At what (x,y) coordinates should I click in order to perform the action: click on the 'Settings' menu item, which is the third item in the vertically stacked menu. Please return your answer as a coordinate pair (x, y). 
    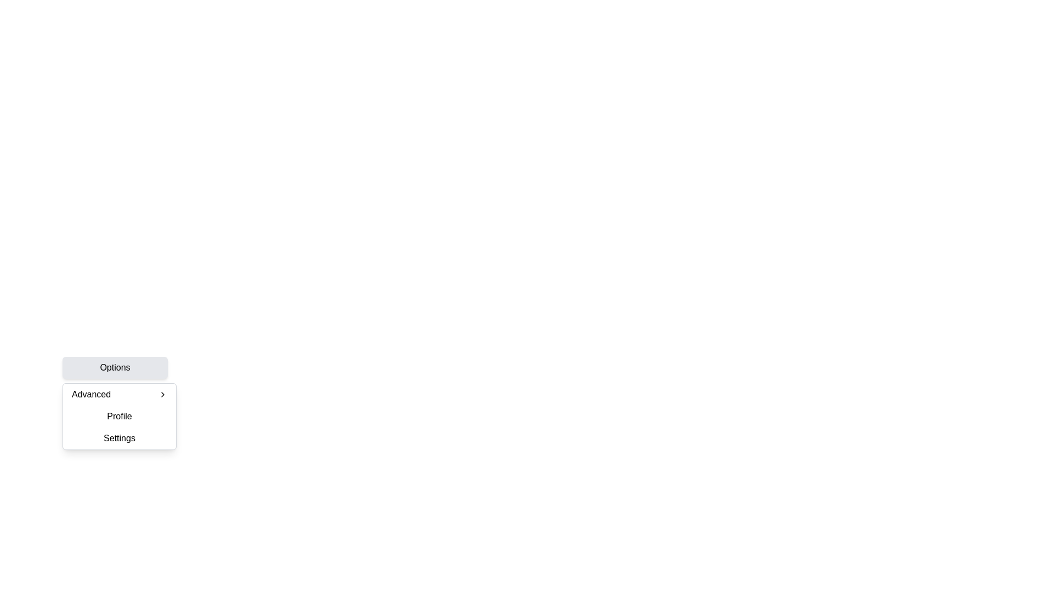
    Looking at the image, I should click on (119, 437).